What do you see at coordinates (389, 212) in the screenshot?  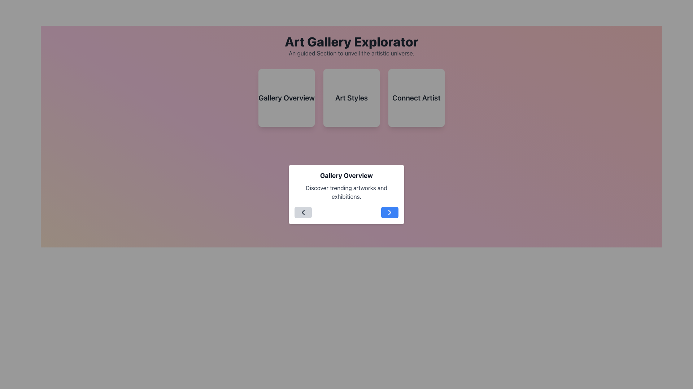 I see `the chevron-like icon within the button located at the bottom right of the overlay card` at bounding box center [389, 212].